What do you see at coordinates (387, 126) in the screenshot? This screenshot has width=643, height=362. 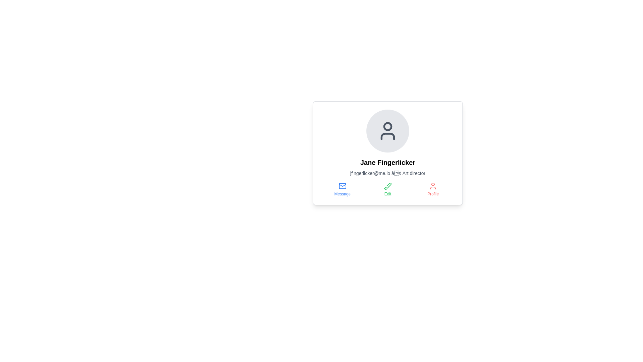 I see `the small circle located within the avatar icon at the top of the user profile card, which resembles a stylized person` at bounding box center [387, 126].